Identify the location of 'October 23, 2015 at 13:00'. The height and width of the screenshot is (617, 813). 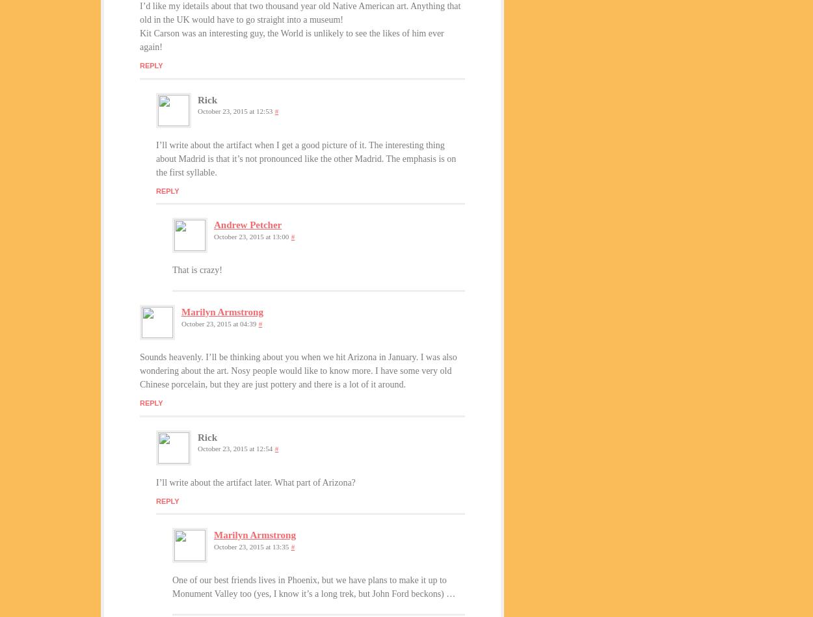
(251, 235).